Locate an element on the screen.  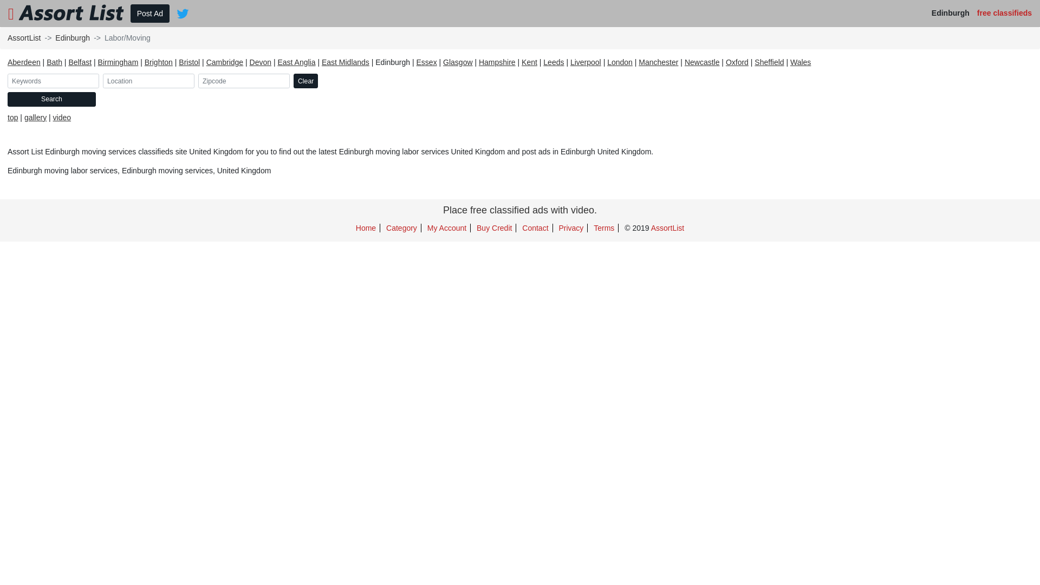
'gallery' is located at coordinates (24, 117).